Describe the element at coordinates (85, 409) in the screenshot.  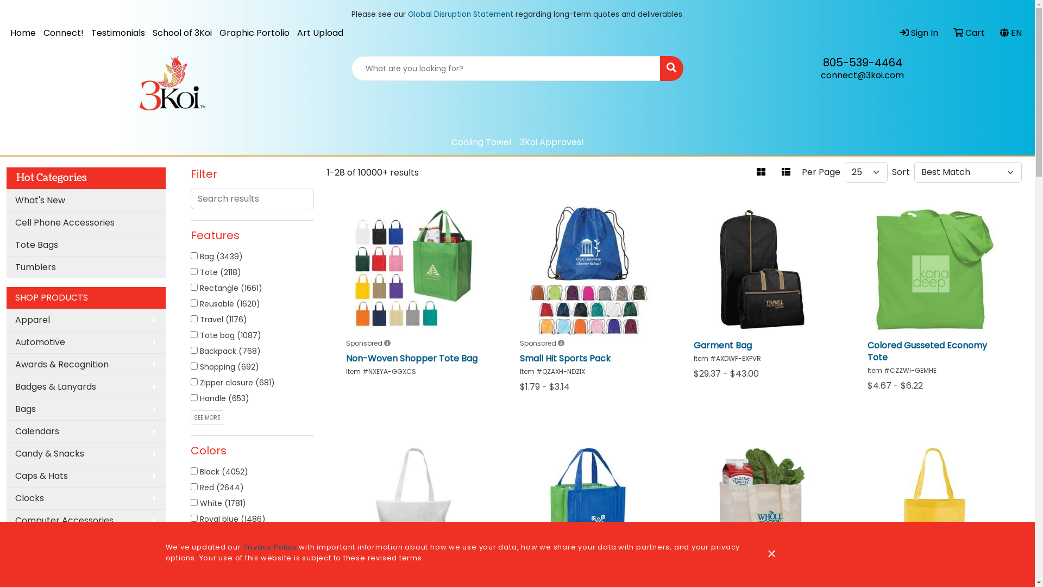
I see `'Bags'` at that location.